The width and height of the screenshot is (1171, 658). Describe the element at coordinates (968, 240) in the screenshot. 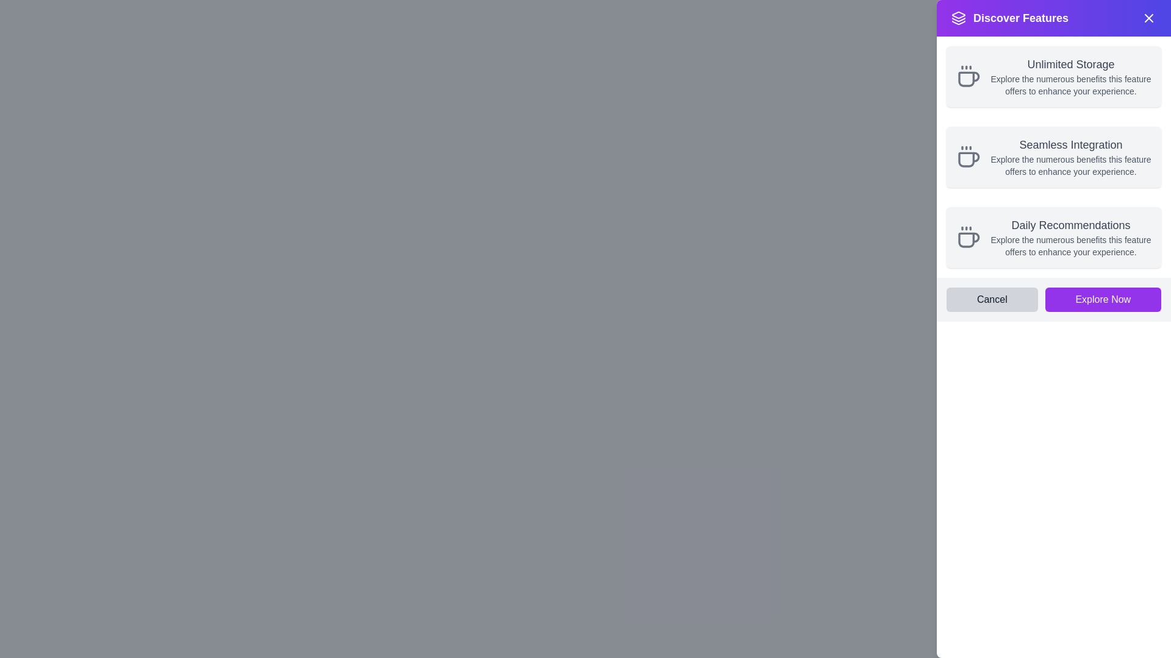

I see `the steaming cup of coffee icon within the 'Daily Recommendations' section to trigger potential tooltips` at that location.